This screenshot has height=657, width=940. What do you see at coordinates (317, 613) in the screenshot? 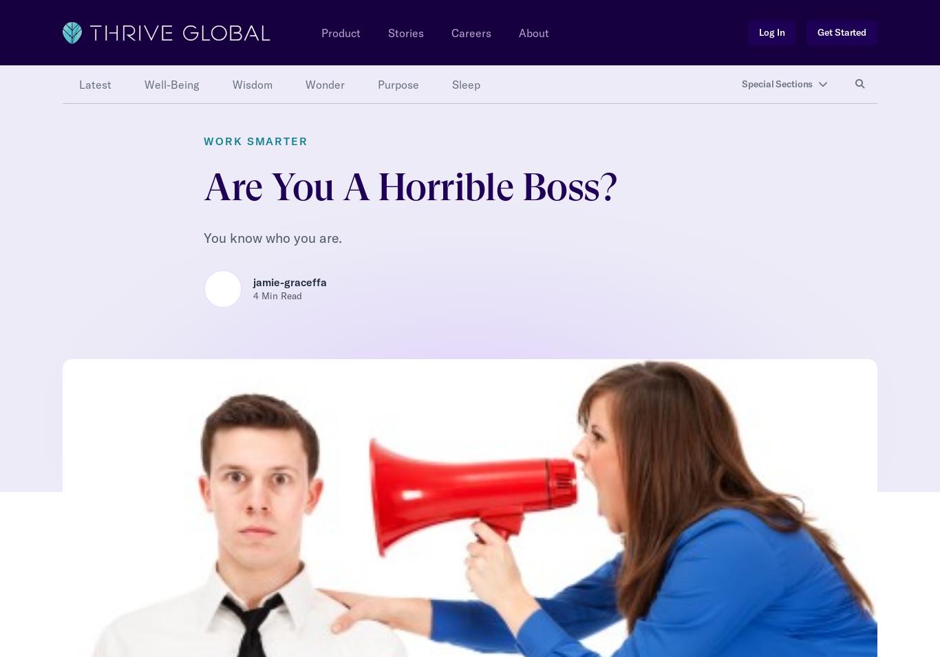
I see `'medium.com'` at bounding box center [317, 613].